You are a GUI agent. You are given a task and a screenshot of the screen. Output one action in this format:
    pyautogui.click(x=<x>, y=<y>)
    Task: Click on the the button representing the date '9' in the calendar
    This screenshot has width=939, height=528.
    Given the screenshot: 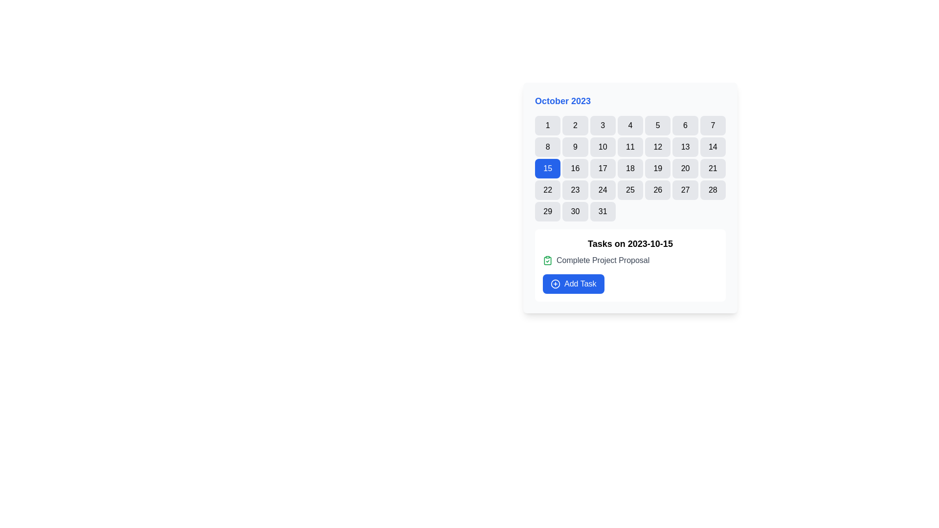 What is the action you would take?
    pyautogui.click(x=575, y=147)
    